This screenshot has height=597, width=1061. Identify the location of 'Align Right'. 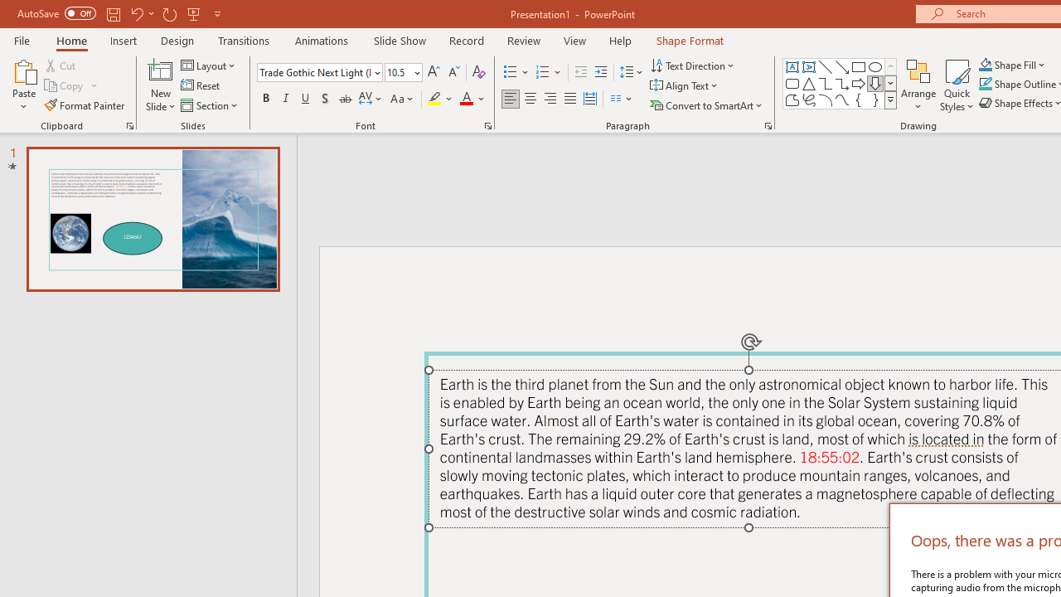
(550, 99).